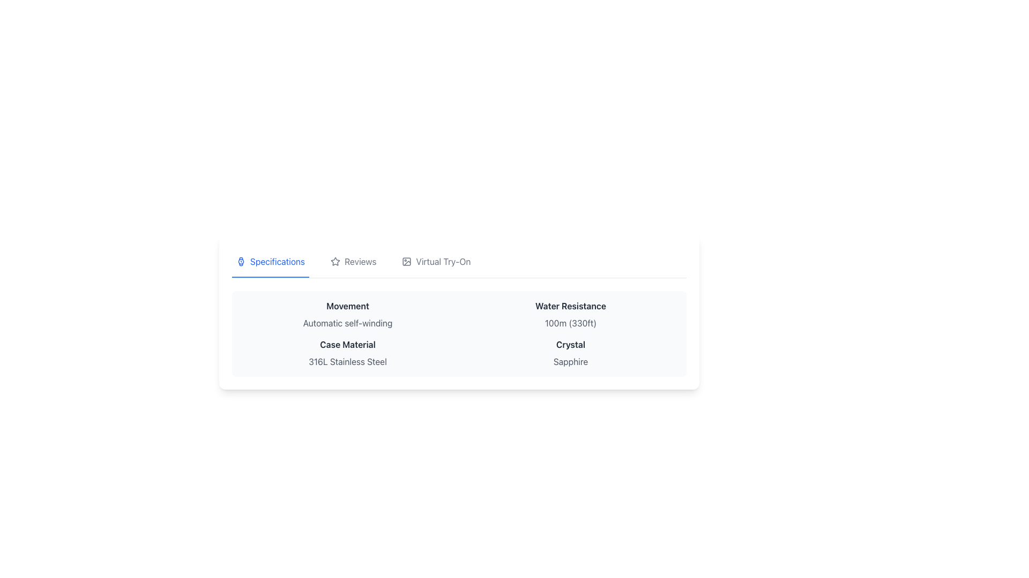 This screenshot has width=1029, height=578. What do you see at coordinates (570, 323) in the screenshot?
I see `the Text label that provides additional information about the water resistance capabilities of the item, located under the header 'Water Resistance' in the specifications section` at bounding box center [570, 323].